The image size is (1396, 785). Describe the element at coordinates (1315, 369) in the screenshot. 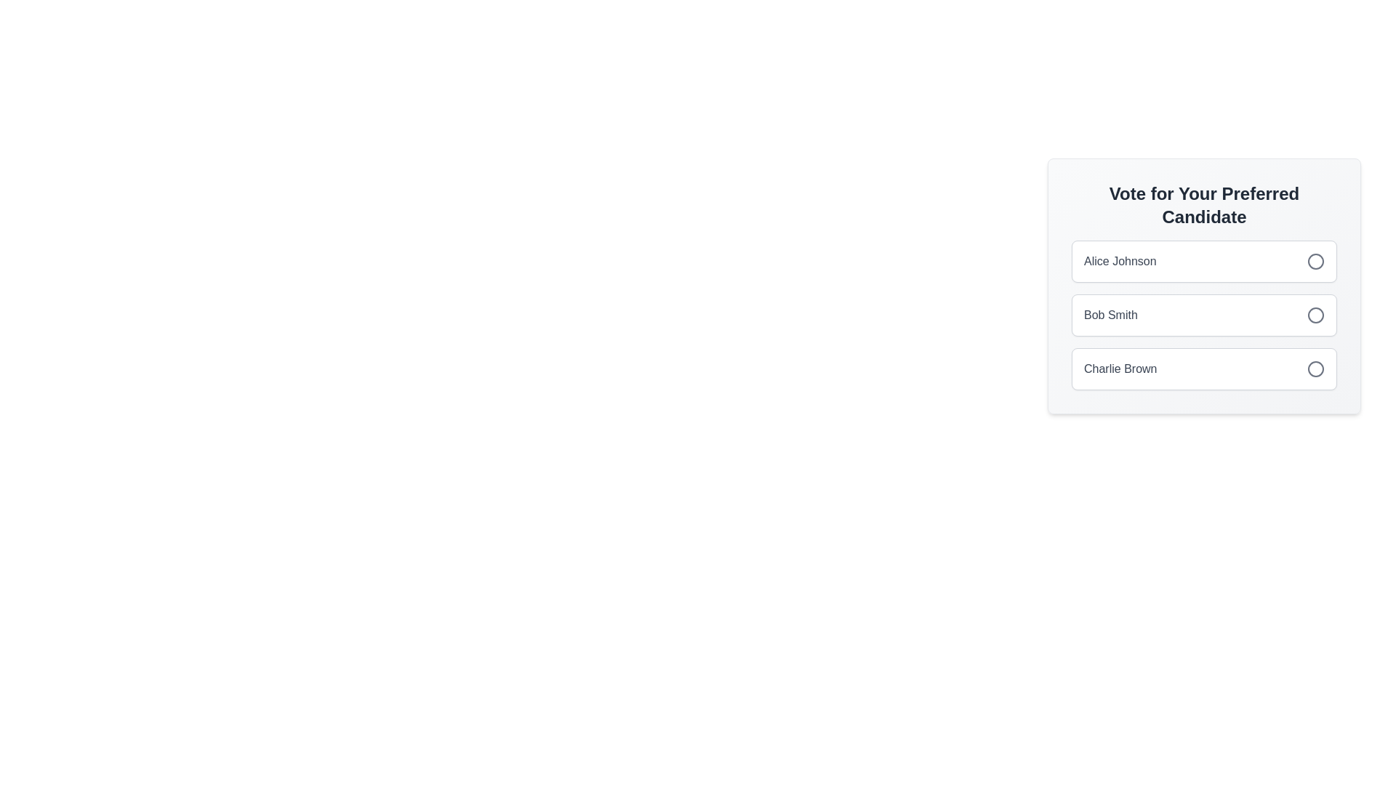

I see `the circular radio button located to the far right of the vertical list, associated with the option 'Charlie Brown'` at that location.